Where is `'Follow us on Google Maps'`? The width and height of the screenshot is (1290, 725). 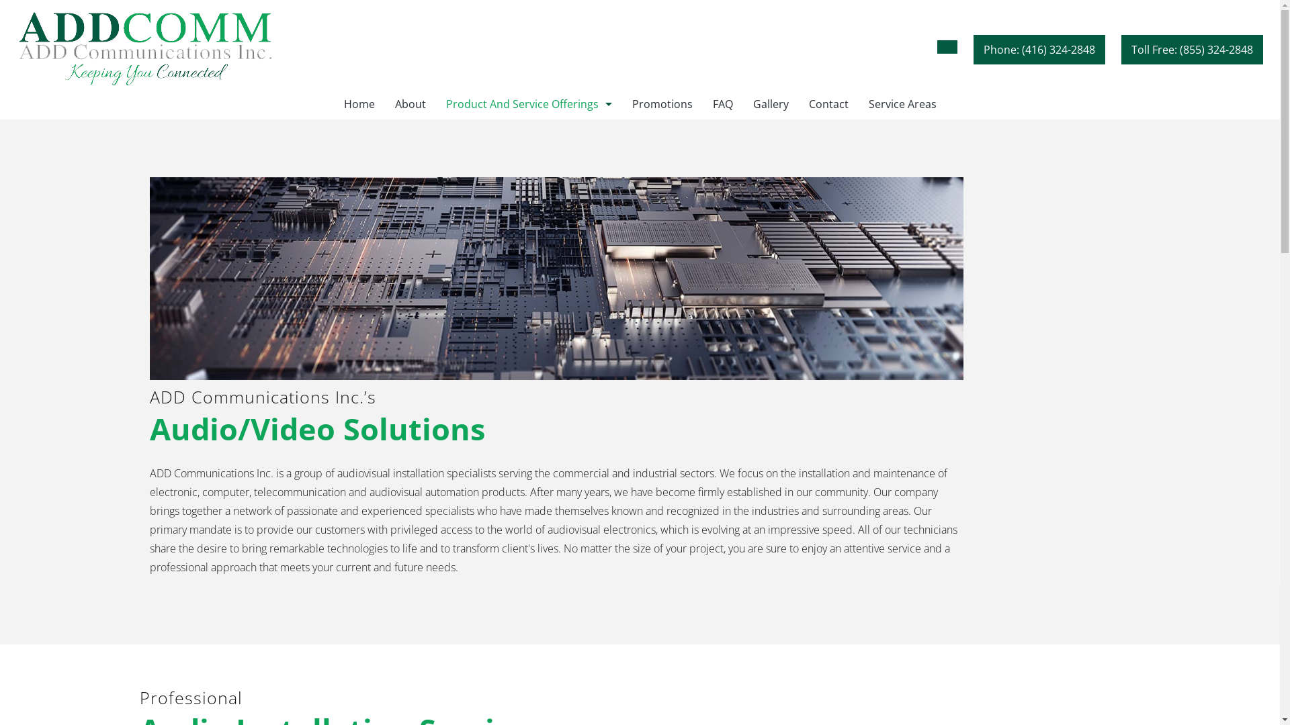 'Follow us on Google Maps' is located at coordinates (937, 46).